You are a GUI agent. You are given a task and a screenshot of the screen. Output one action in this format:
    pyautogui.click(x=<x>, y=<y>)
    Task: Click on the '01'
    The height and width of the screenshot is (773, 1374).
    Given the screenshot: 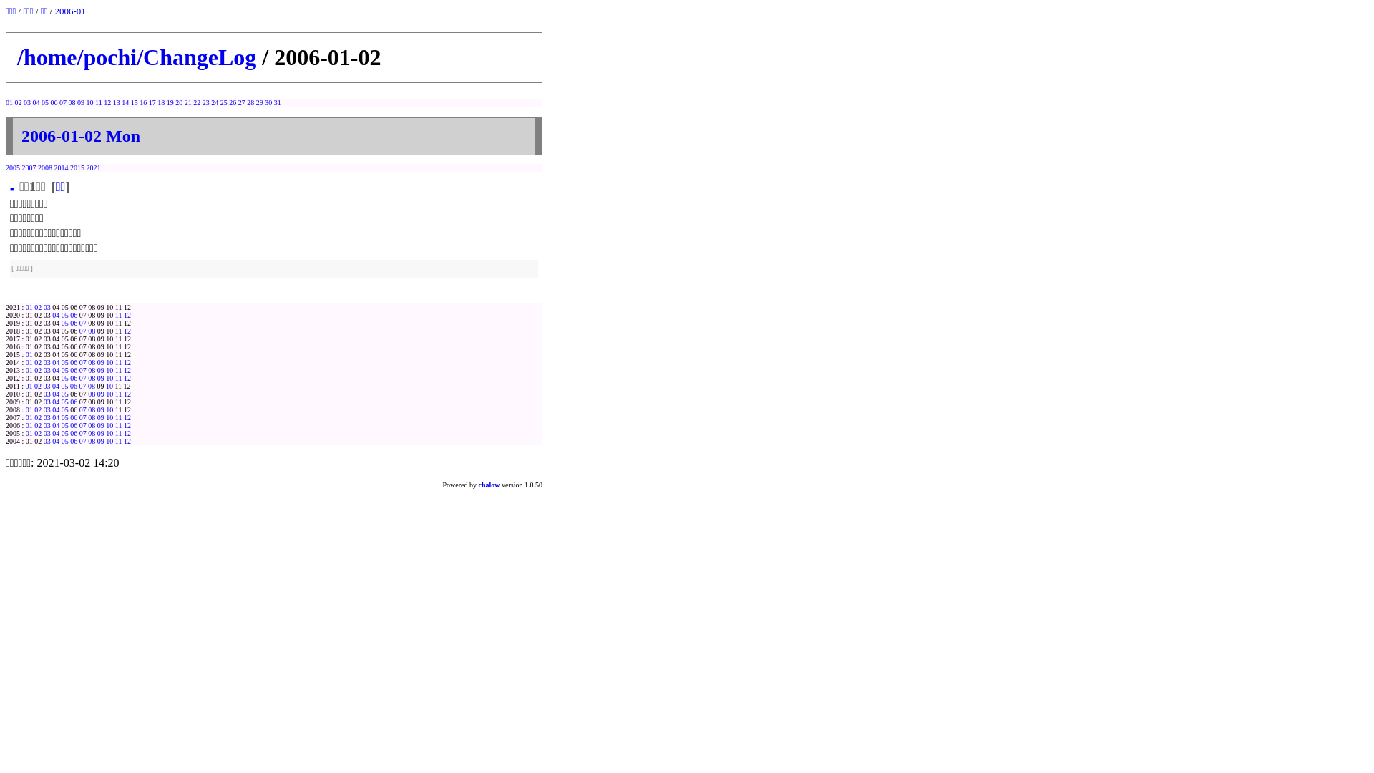 What is the action you would take?
    pyautogui.click(x=29, y=361)
    